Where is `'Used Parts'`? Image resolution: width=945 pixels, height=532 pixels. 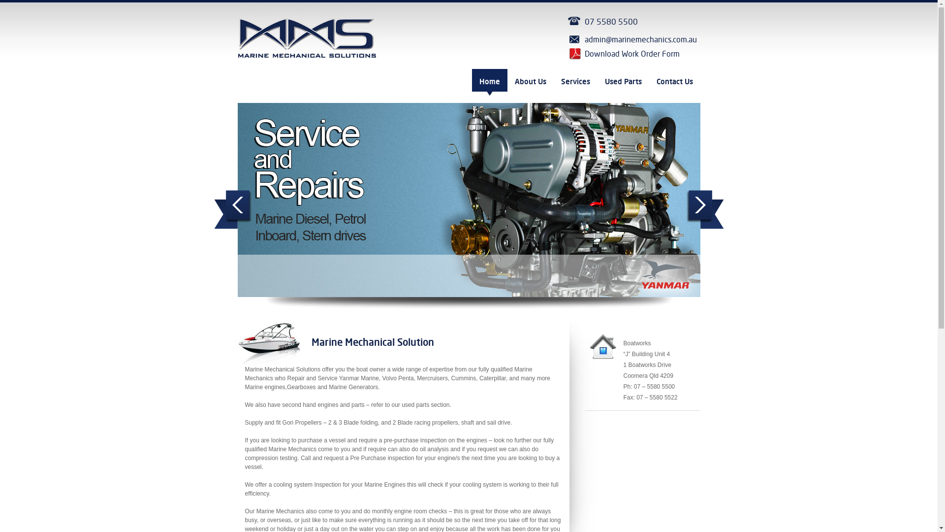
'Used Parts' is located at coordinates (597, 81).